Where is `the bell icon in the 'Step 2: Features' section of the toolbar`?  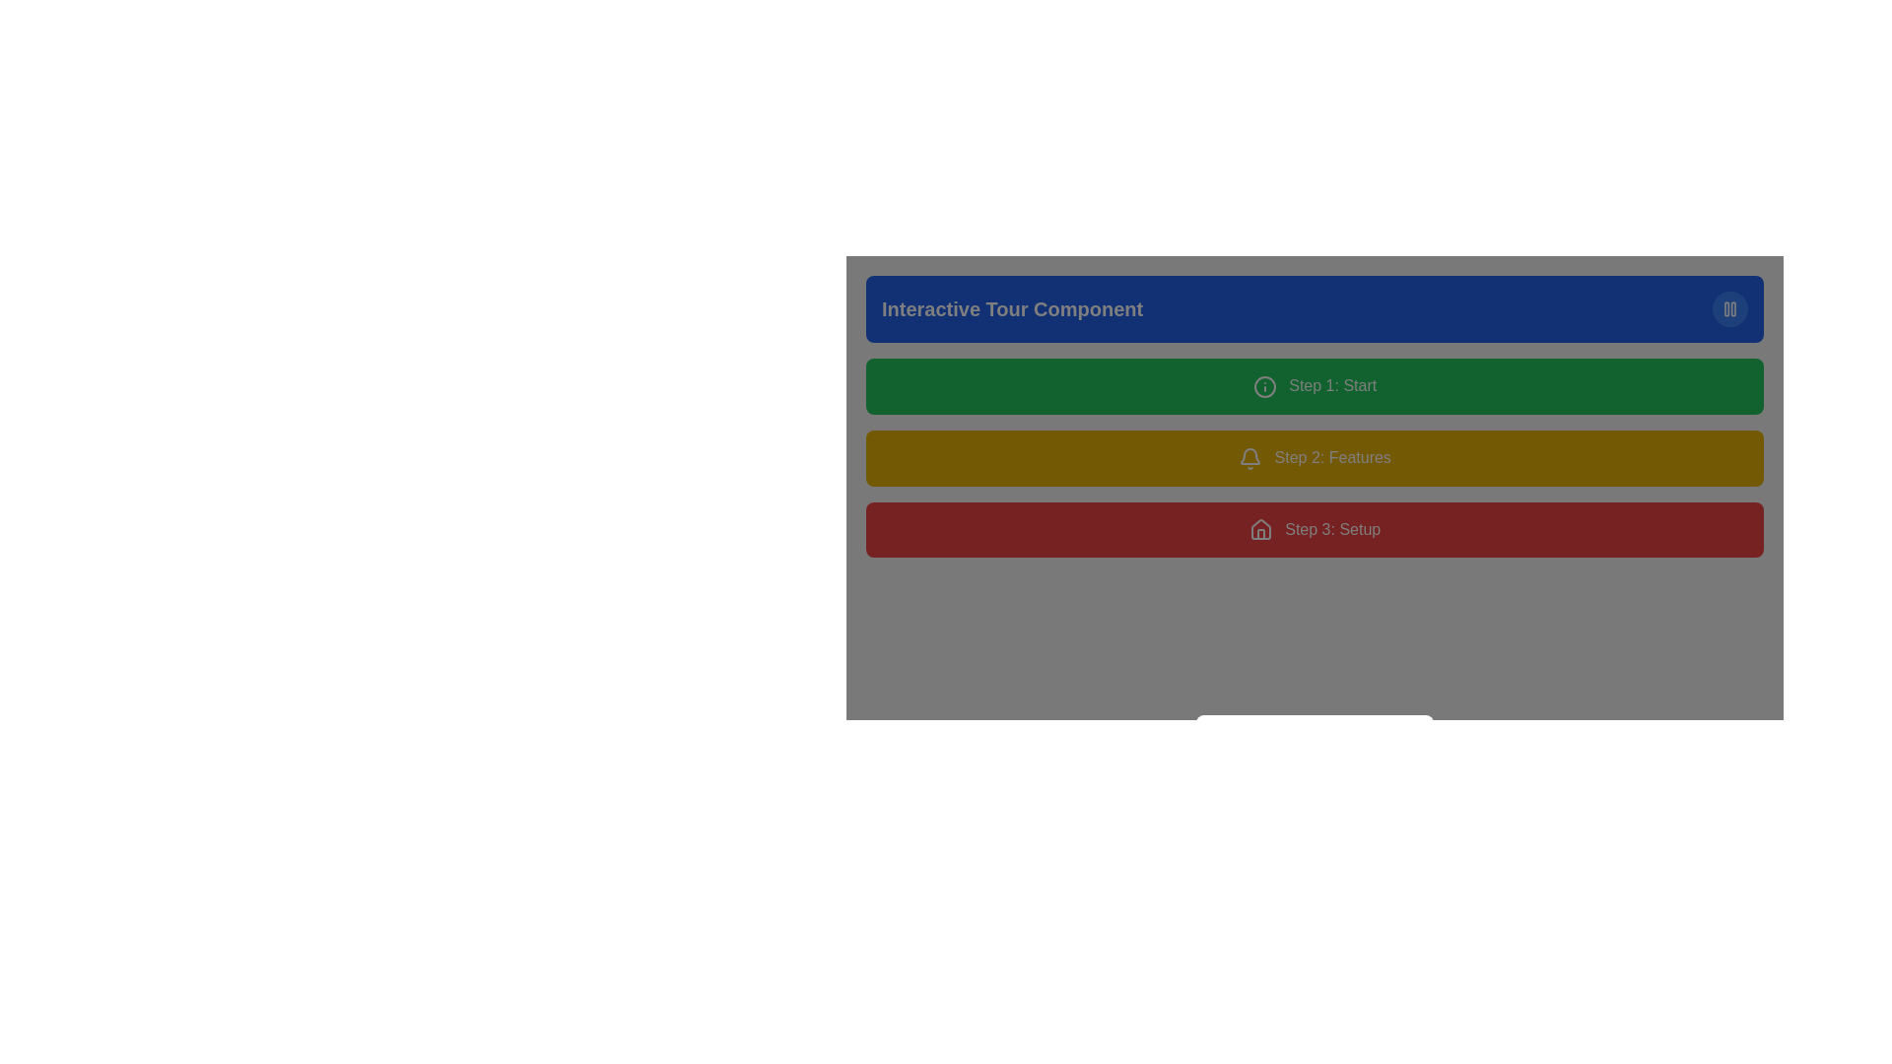
the bell icon in the 'Step 2: Features' section of the toolbar is located at coordinates (1250, 455).